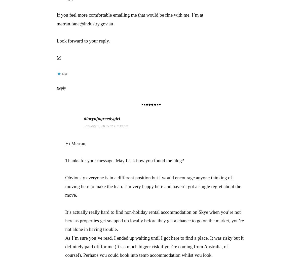 The height and width of the screenshot is (257, 302). Describe the element at coordinates (102, 118) in the screenshot. I see `'diaryofagreedygirl'` at that location.